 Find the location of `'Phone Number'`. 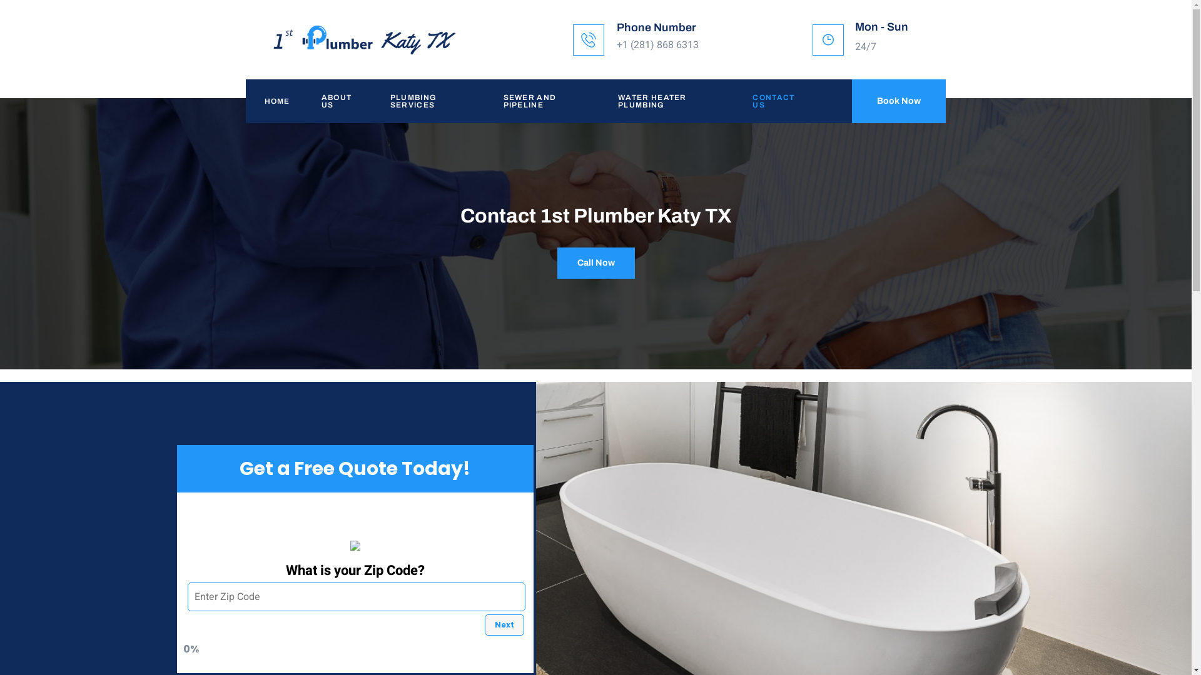

'Phone Number' is located at coordinates (656, 27).